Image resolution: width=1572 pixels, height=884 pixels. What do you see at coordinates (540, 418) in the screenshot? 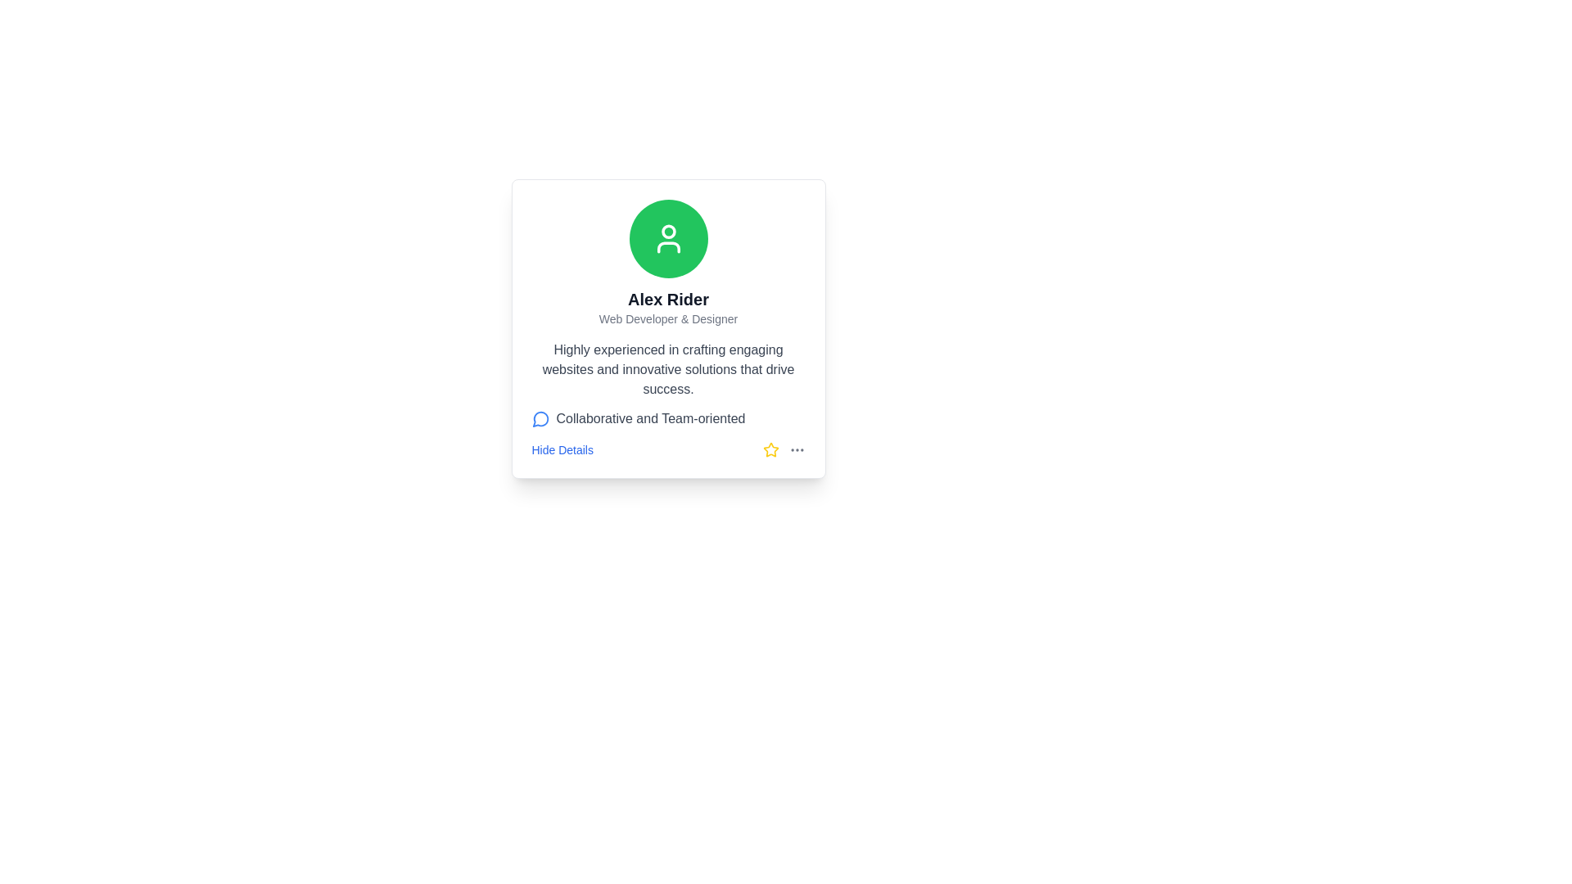
I see `the communication or teamwork icon located to the left of the text 'Collaborative and Team-oriented'` at bounding box center [540, 418].